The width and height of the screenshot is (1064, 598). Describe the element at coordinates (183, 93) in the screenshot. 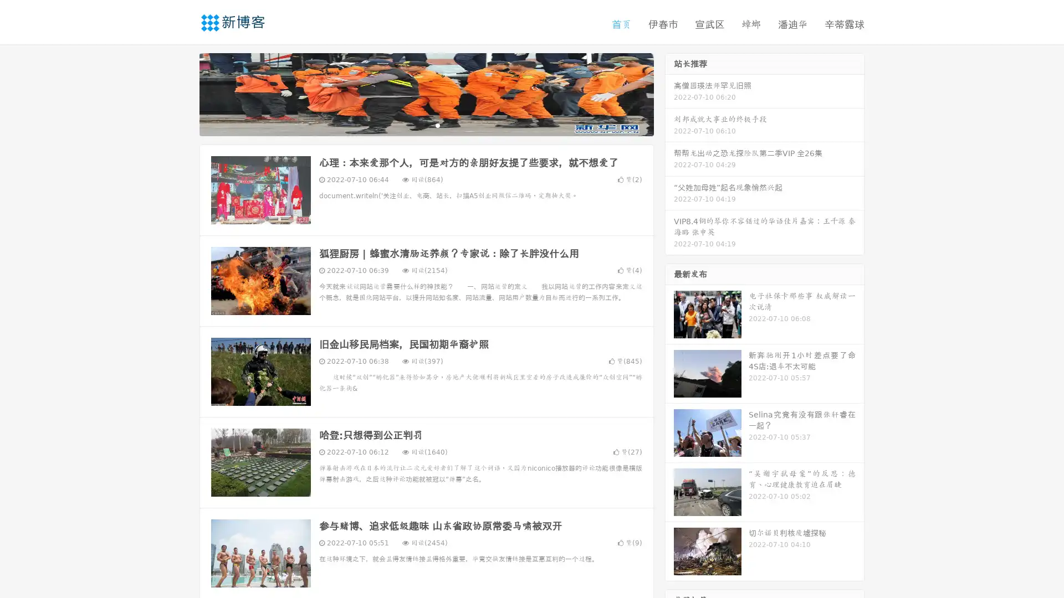

I see `Previous slide` at that location.